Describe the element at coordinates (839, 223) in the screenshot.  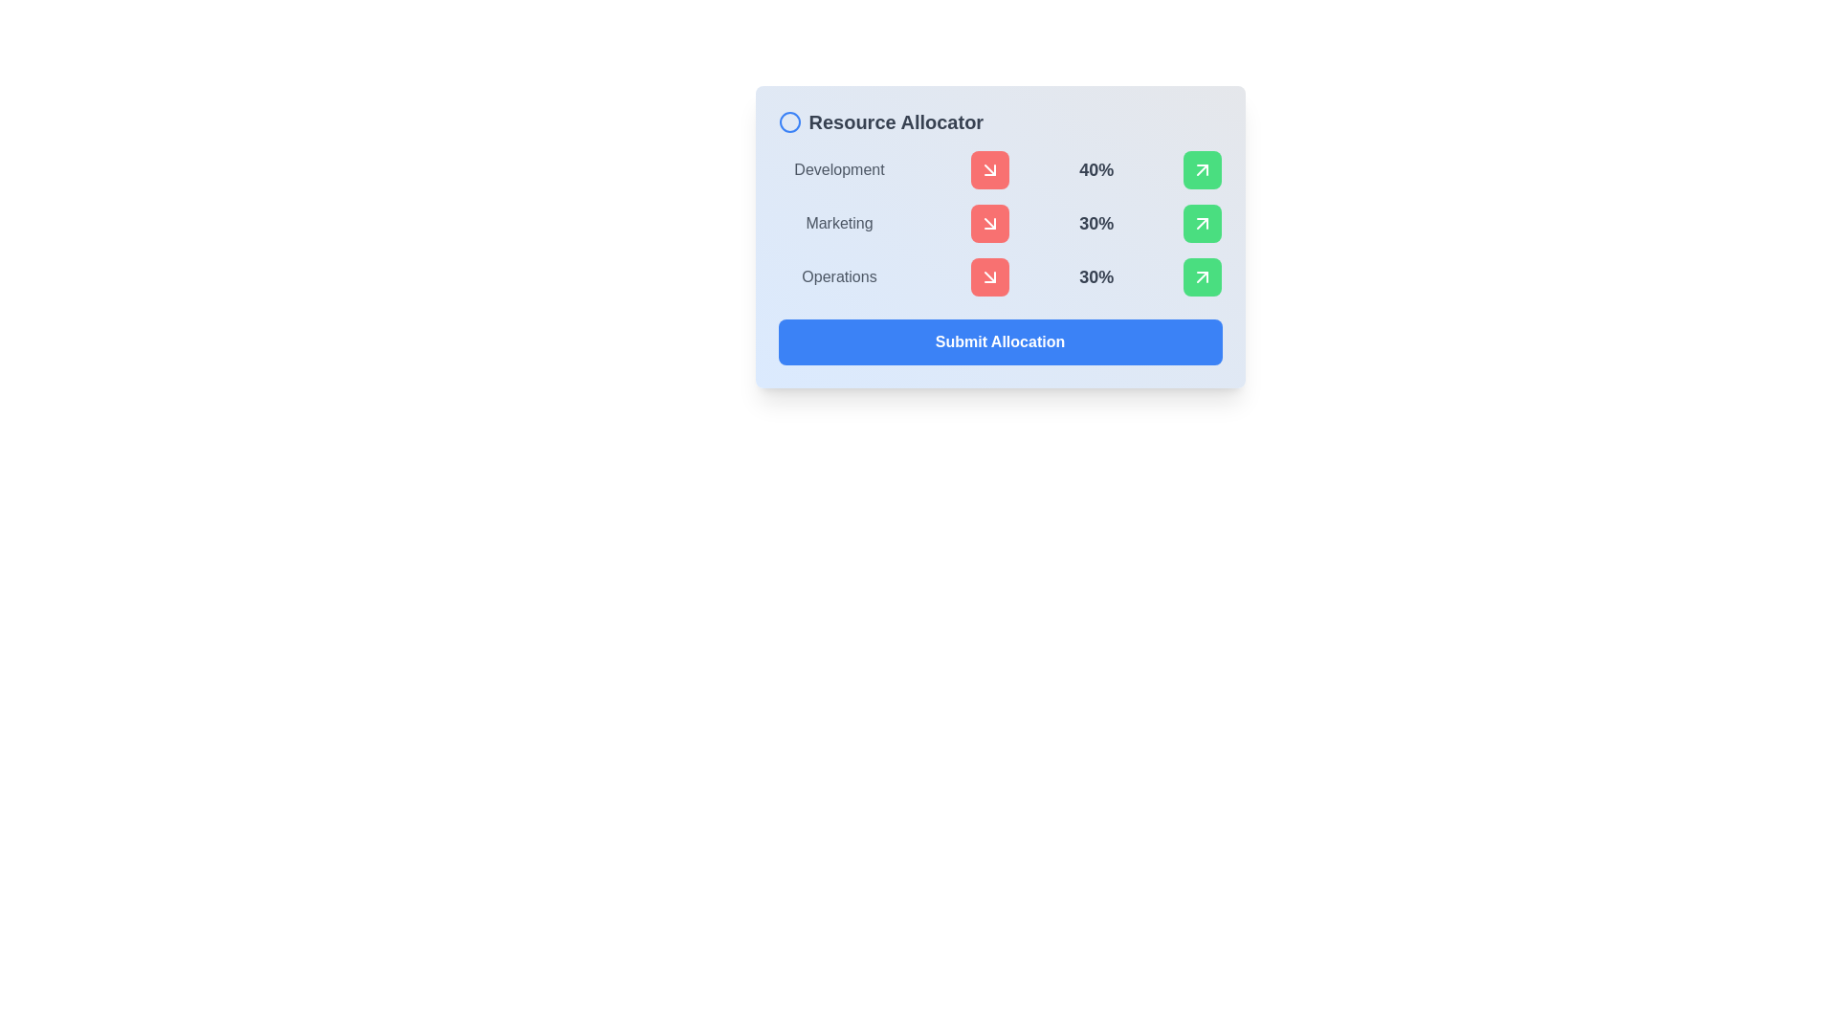
I see `the 'Marketing' text label, which is styled with a medium font weight and gray color, positioned left of a percentage field and aligned with a button group under the 'Resource Allocator' header` at that location.